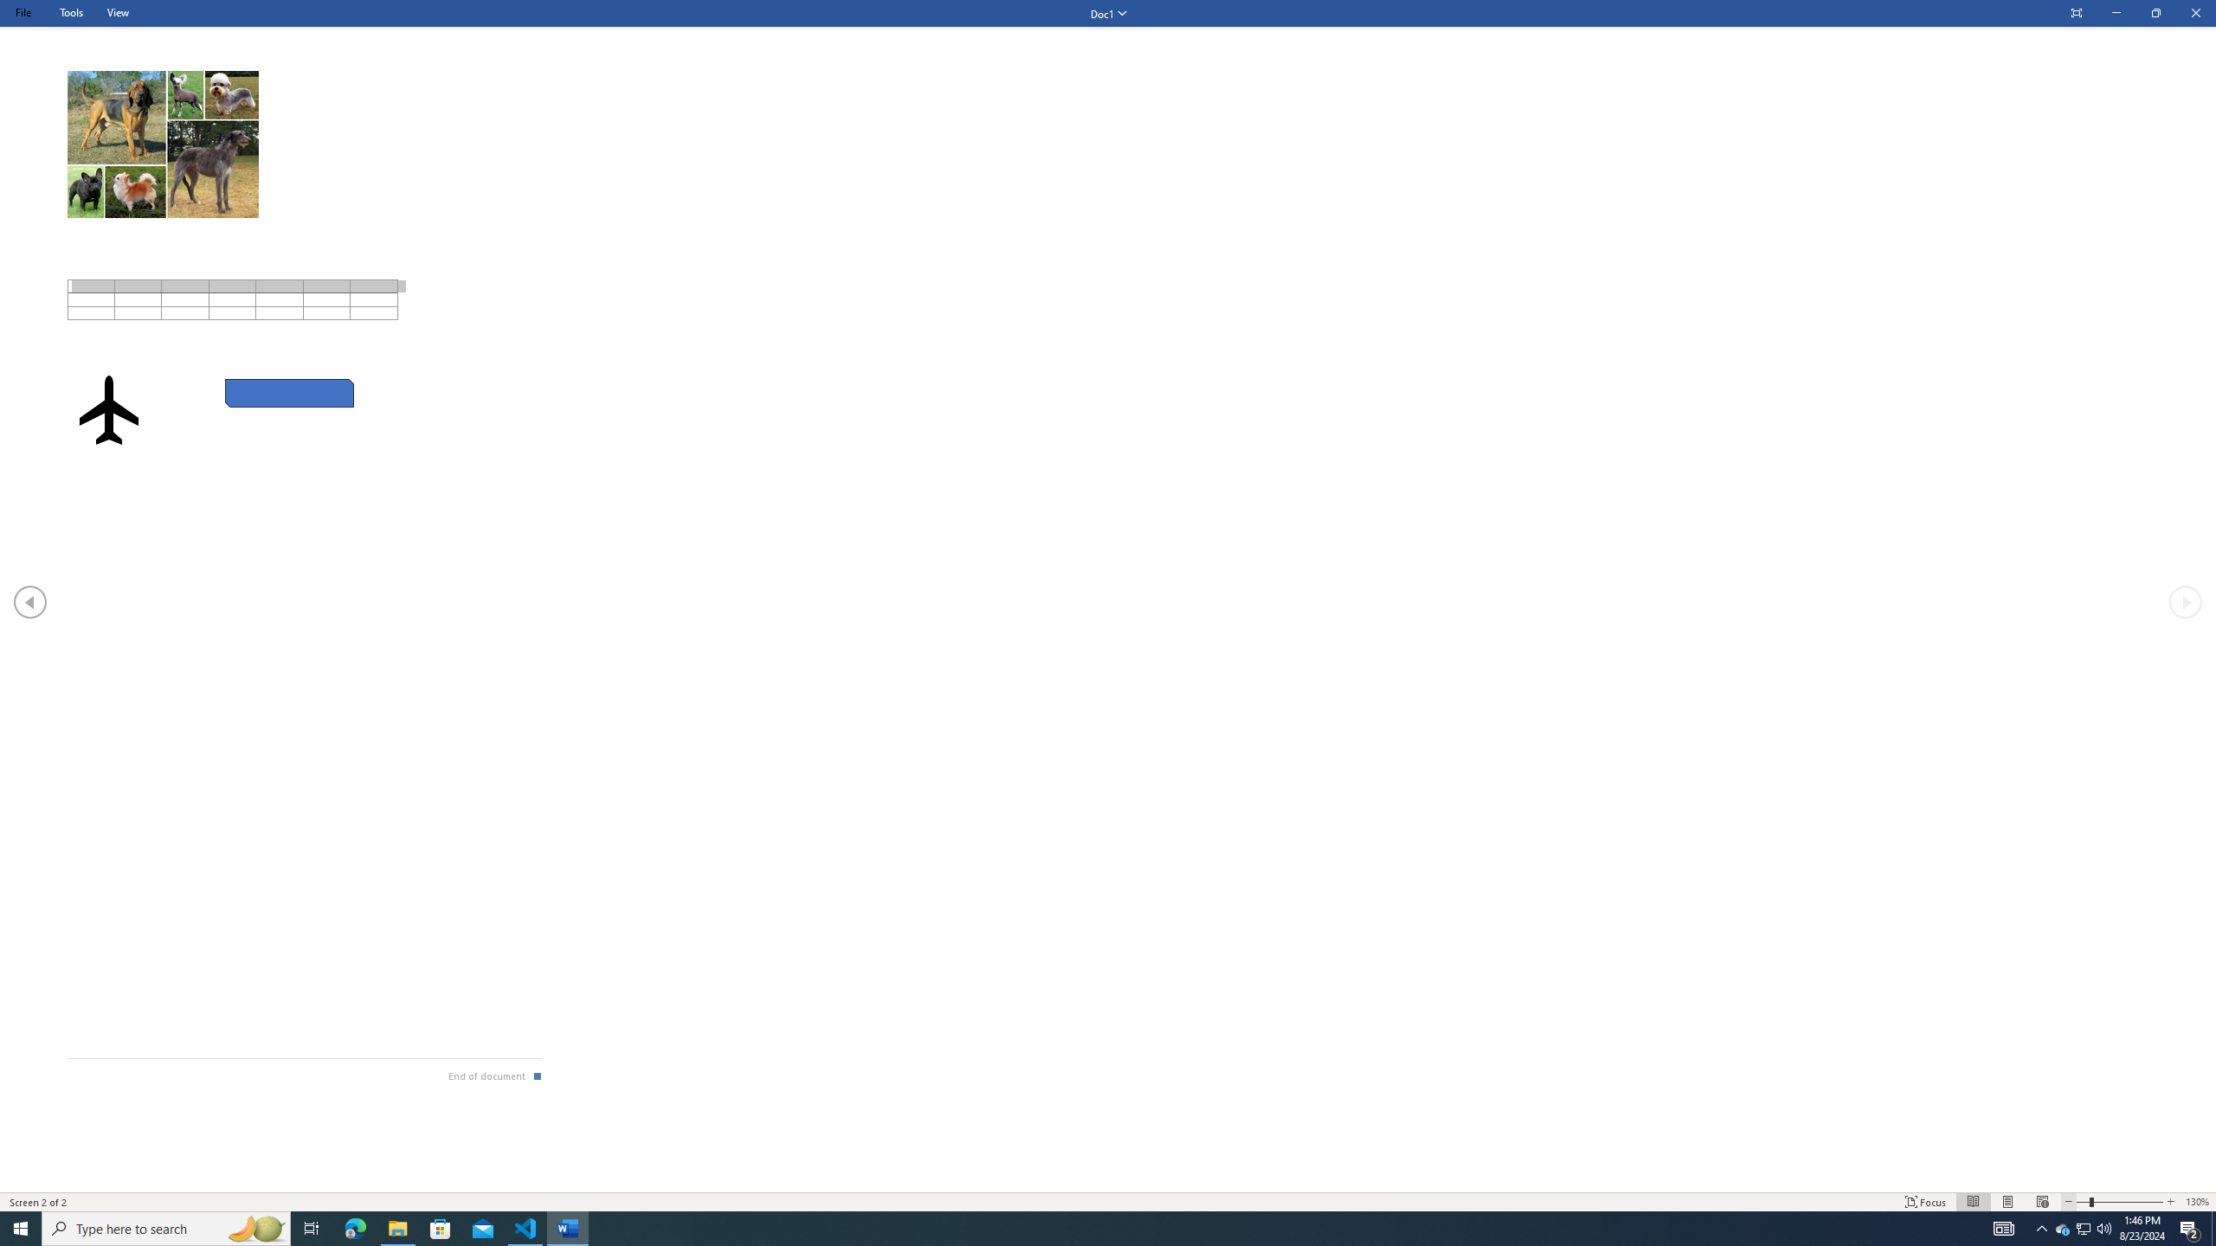 Image resolution: width=2216 pixels, height=1246 pixels. I want to click on 'Page Number Screen 2 of 2 ', so click(39, 1202).